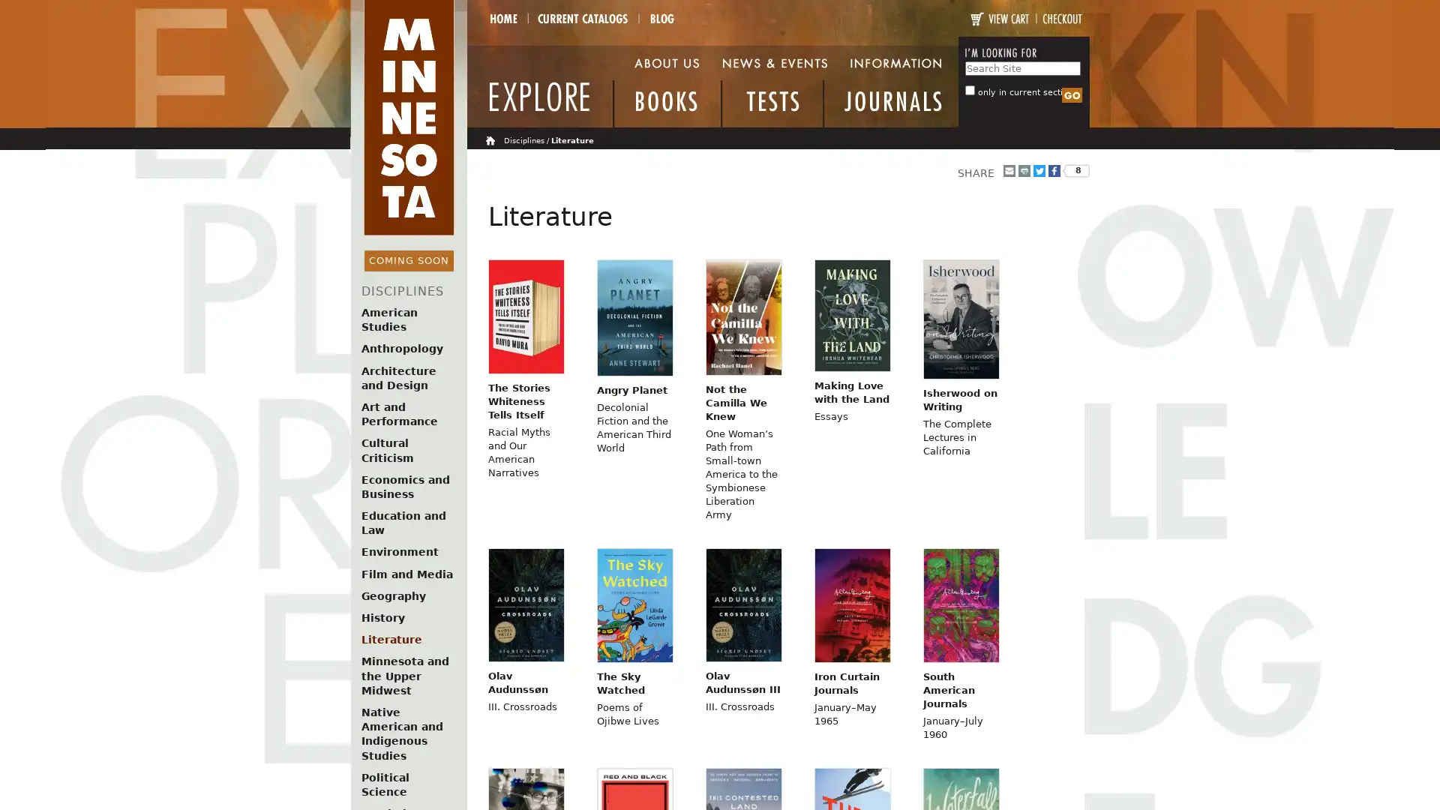 Image resolution: width=1440 pixels, height=810 pixels. Describe the element at coordinates (1071, 95) in the screenshot. I see `Search` at that location.